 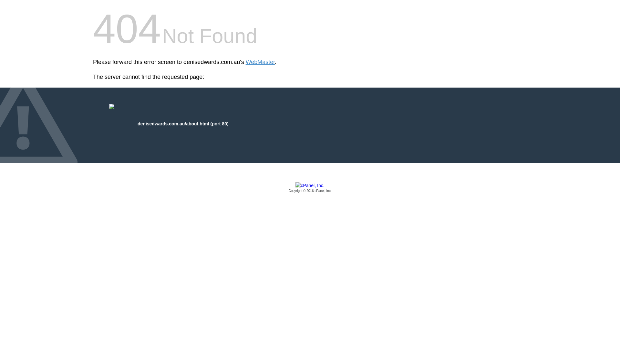 What do you see at coordinates (260, 62) in the screenshot?
I see `'WebMaster'` at bounding box center [260, 62].